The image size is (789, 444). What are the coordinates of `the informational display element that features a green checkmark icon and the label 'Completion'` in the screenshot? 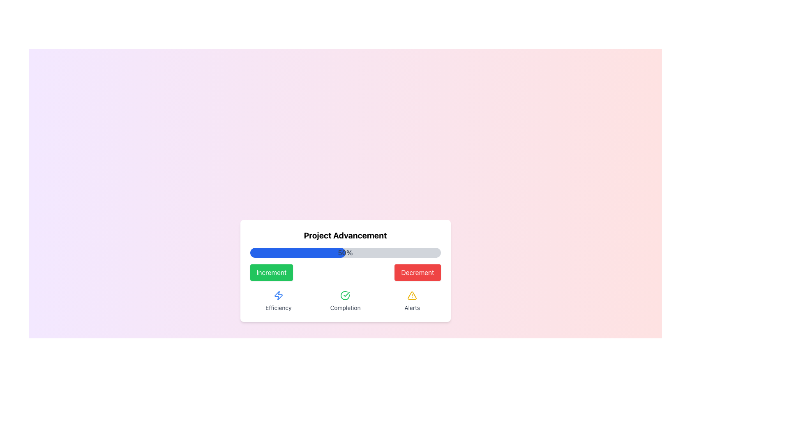 It's located at (345, 301).